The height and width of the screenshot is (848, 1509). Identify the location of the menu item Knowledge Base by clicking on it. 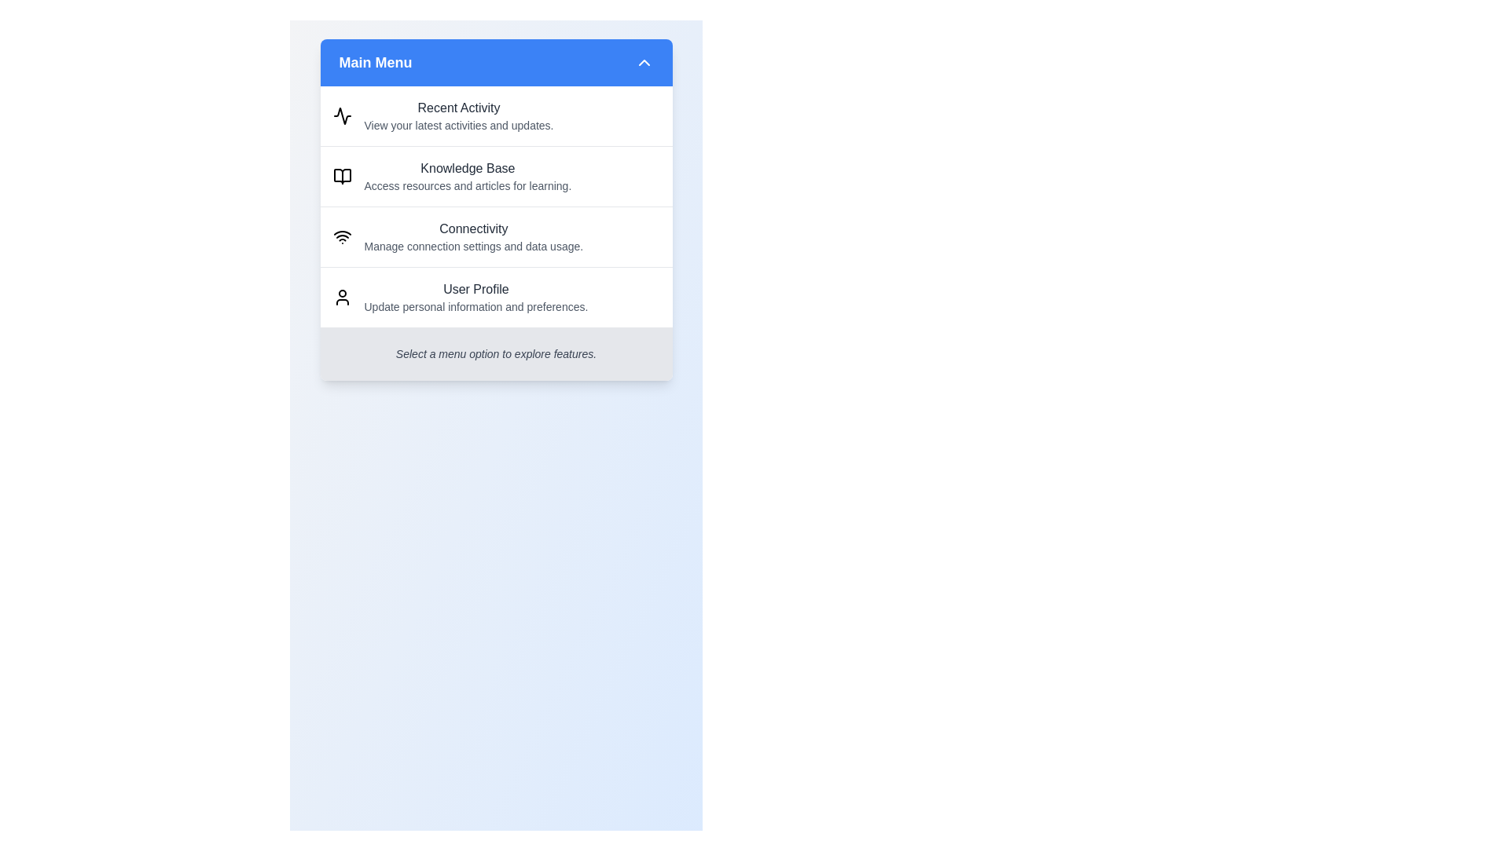
(495, 176).